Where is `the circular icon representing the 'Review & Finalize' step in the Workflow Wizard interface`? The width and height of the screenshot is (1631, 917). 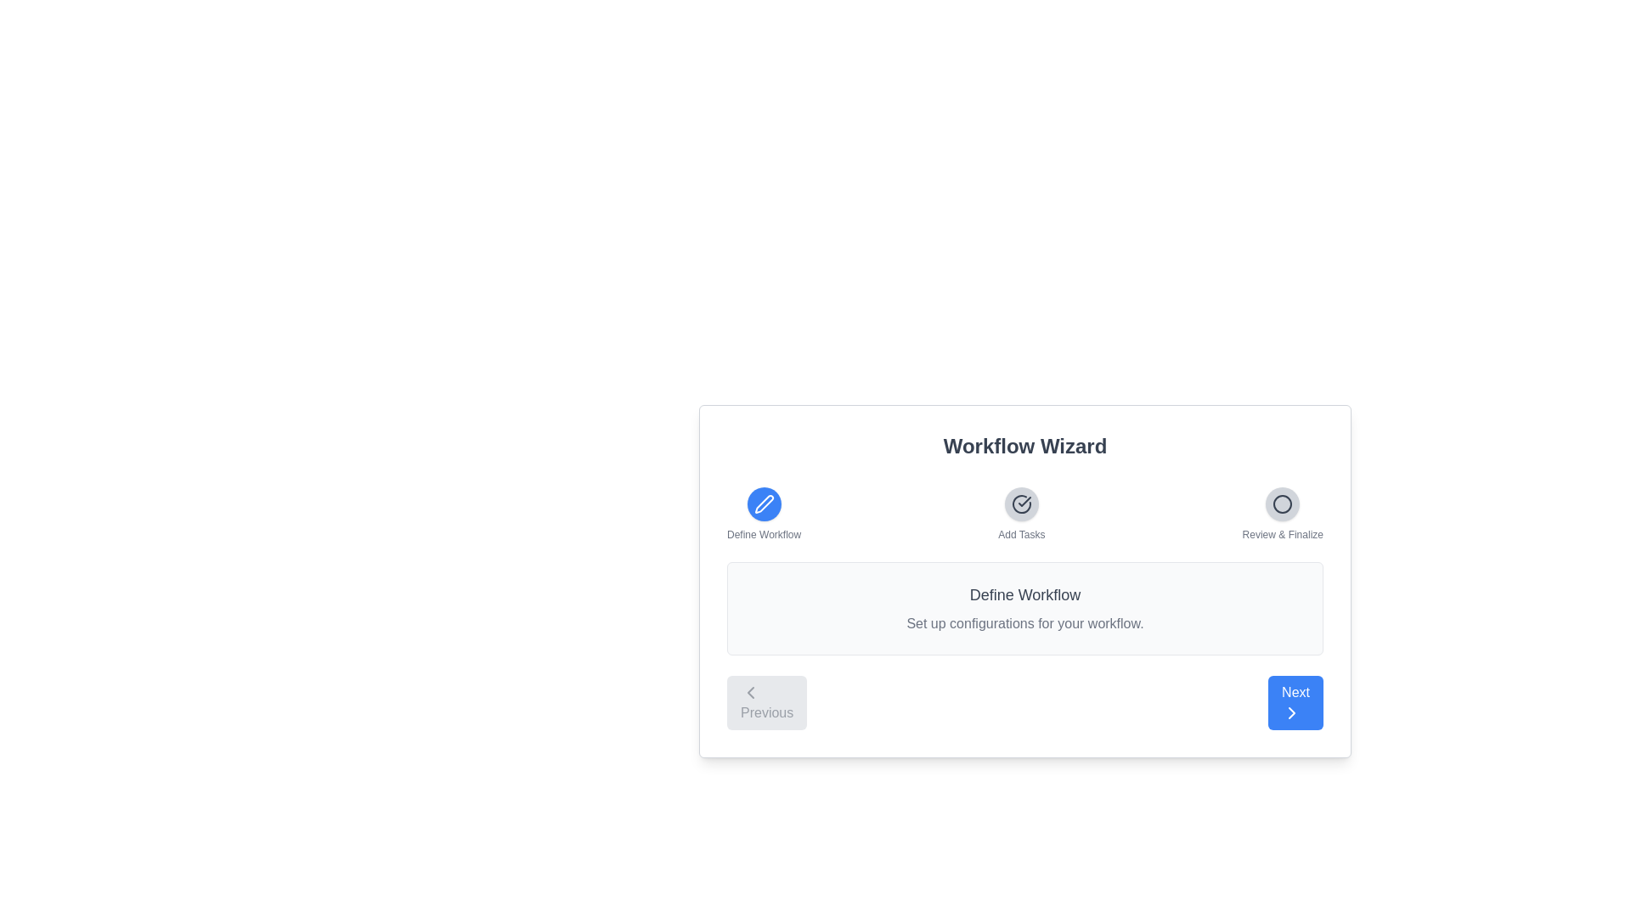 the circular icon representing the 'Review & Finalize' step in the Workflow Wizard interface is located at coordinates (1283, 504).